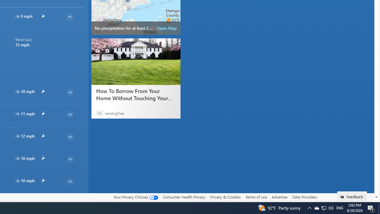 Image resolution: width=380 pixels, height=214 pixels. What do you see at coordinates (114, 113) in the screenshot?
I see `'LendingTree'` at bounding box center [114, 113].